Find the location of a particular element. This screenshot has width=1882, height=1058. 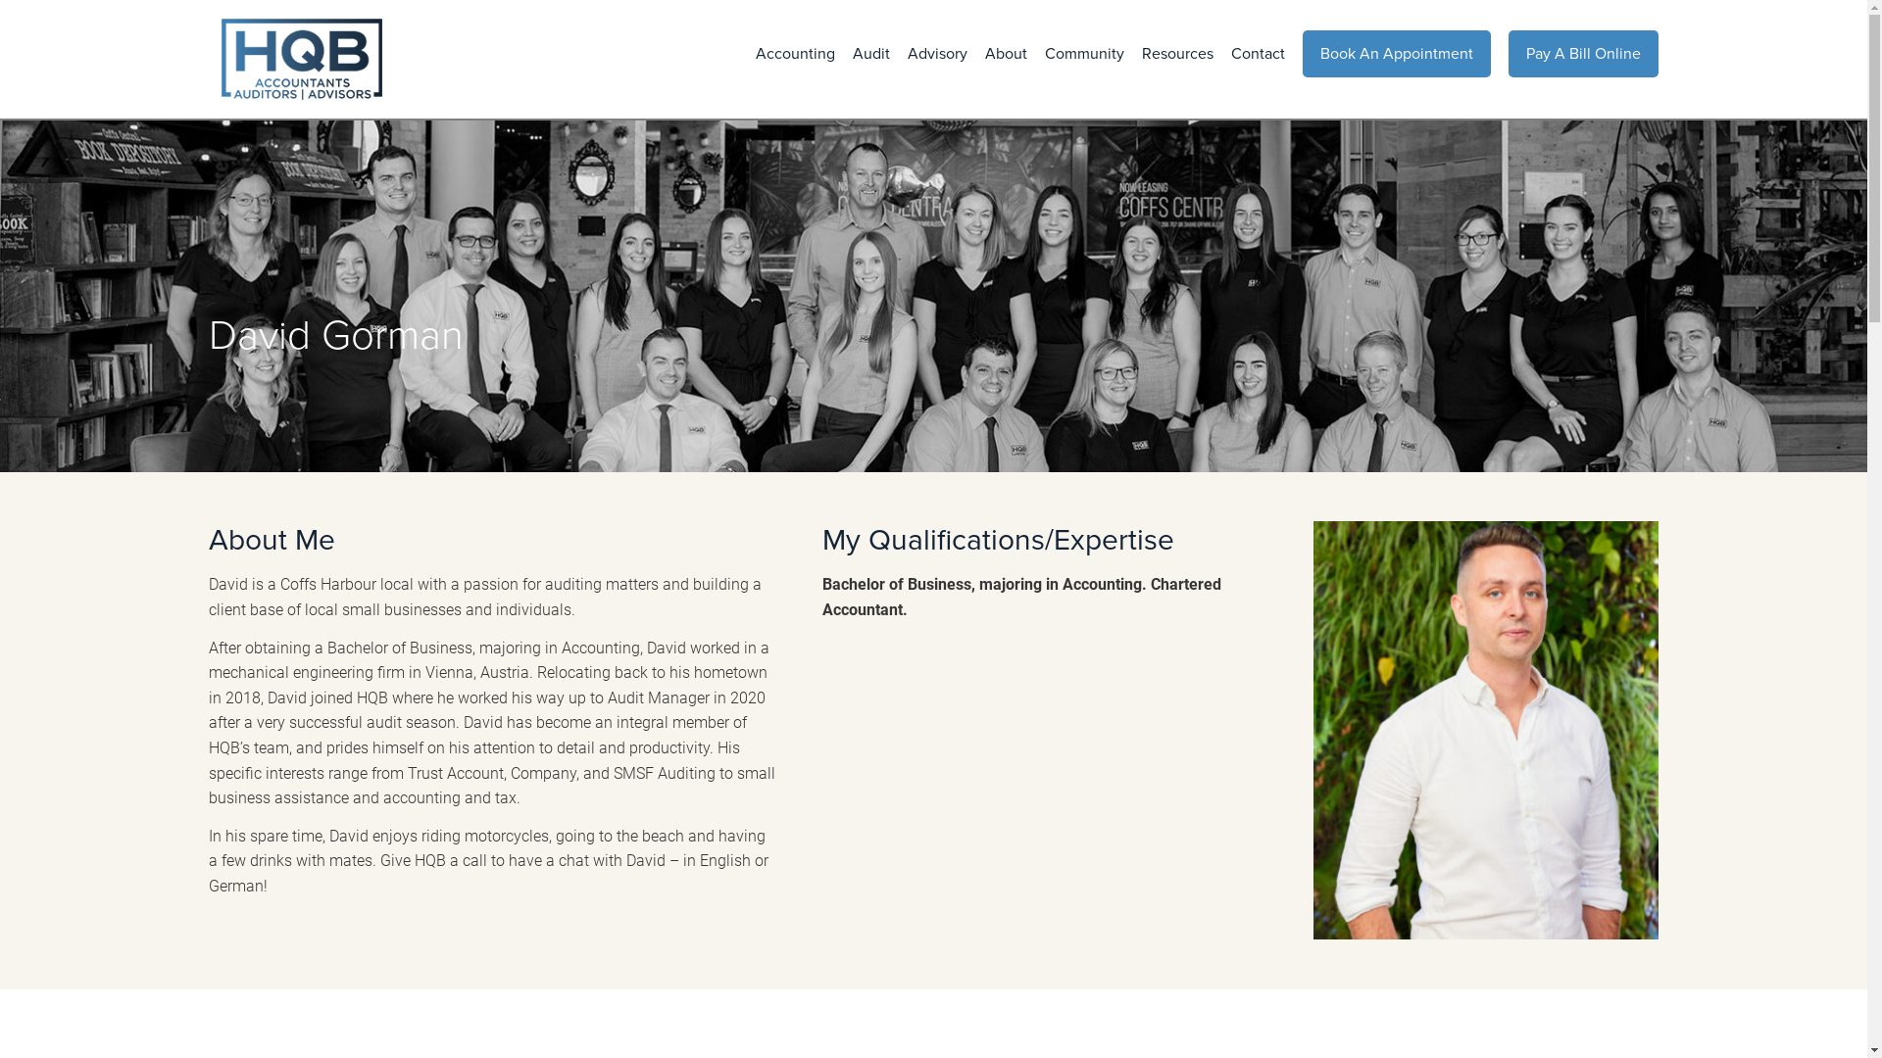

'Community' is located at coordinates (1074, 52).